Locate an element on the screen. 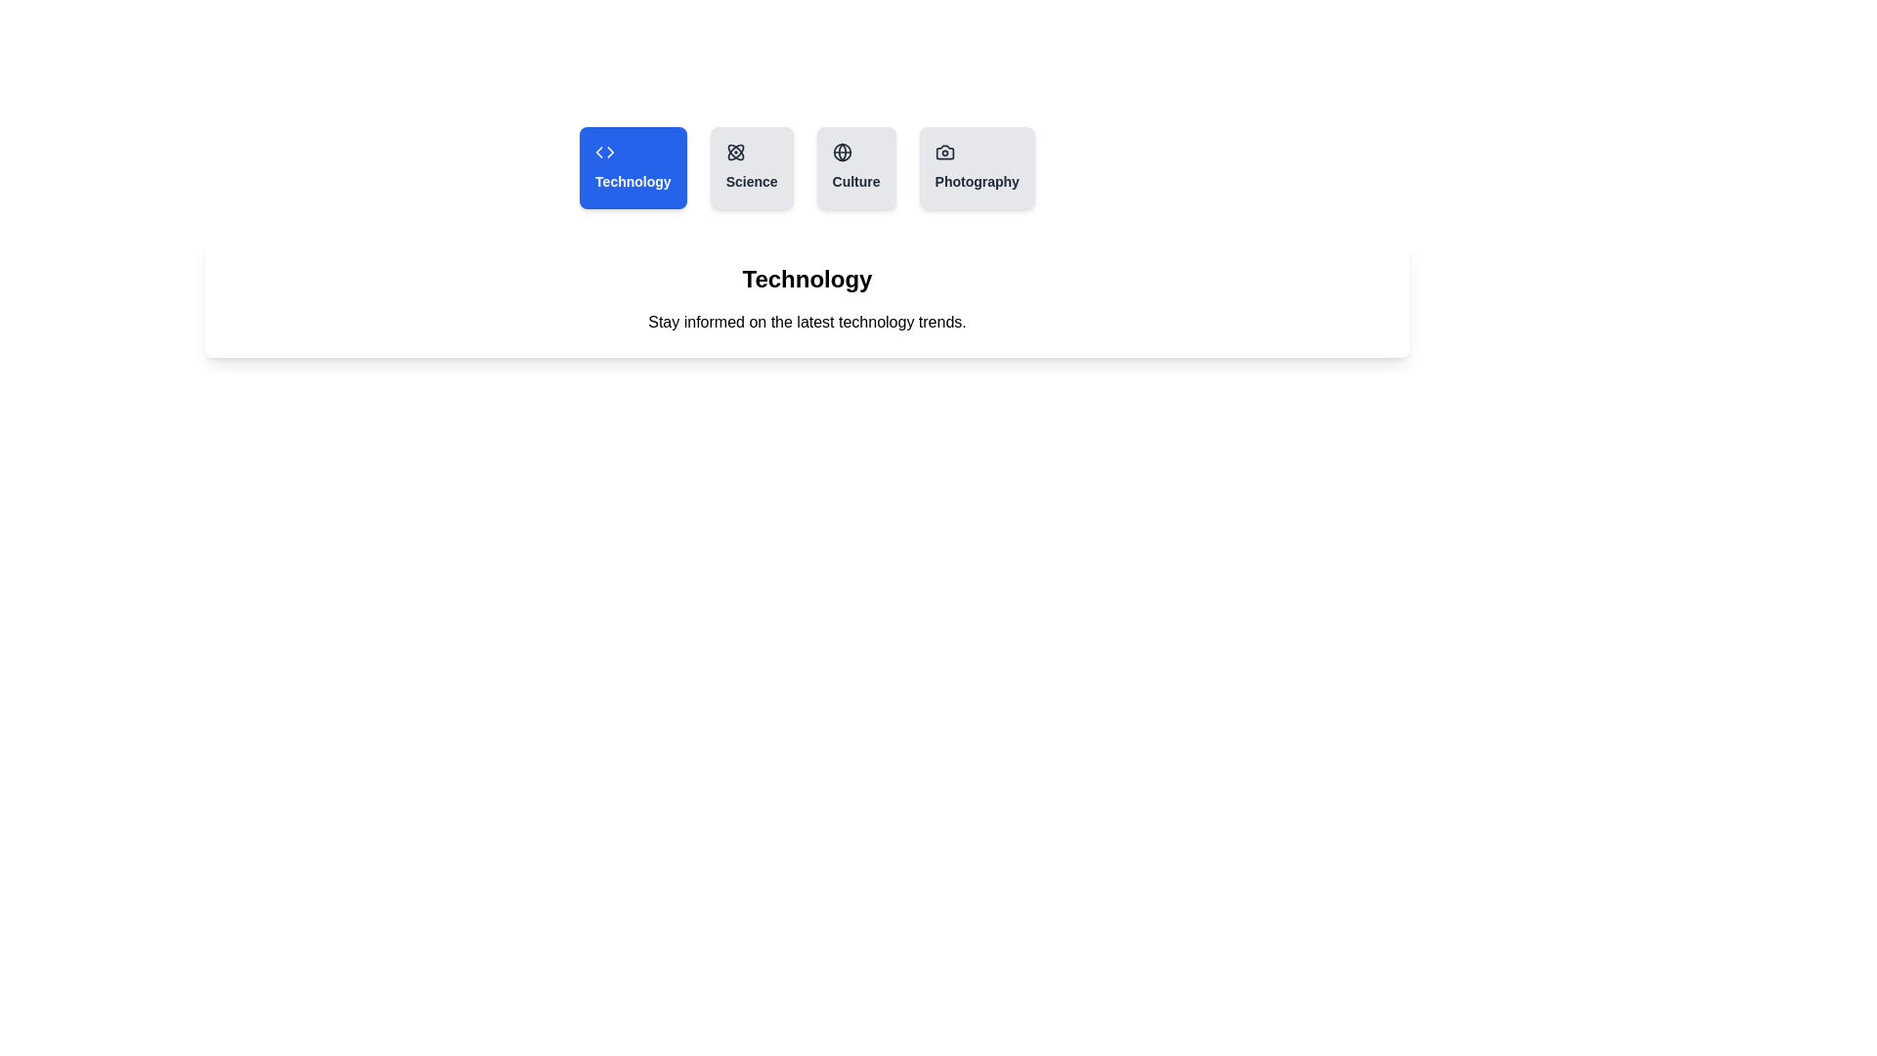 The image size is (1877, 1056). the text within the content area is located at coordinates (807, 298).